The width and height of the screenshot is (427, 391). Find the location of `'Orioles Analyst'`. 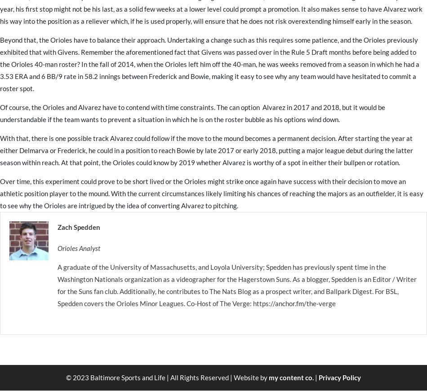

'Orioles Analyst' is located at coordinates (79, 248).